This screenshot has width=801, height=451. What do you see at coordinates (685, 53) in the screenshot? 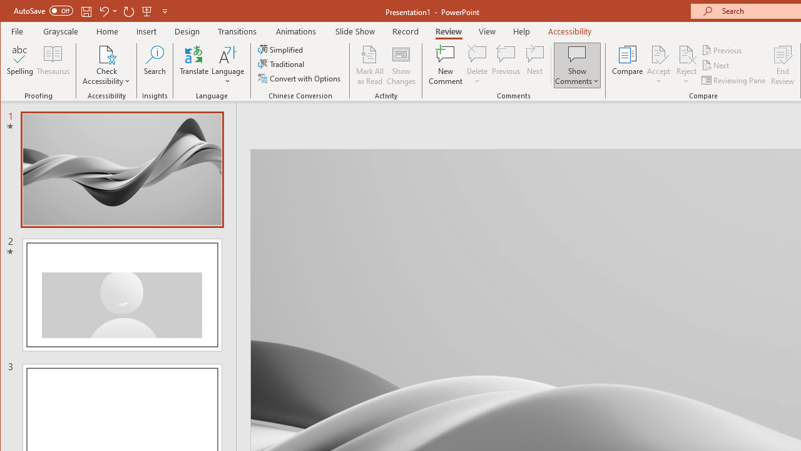
I see `'Reject Change'` at bounding box center [685, 53].